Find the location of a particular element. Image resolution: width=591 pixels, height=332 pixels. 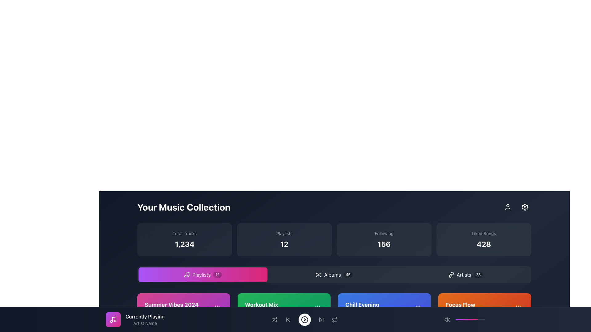

the informational card displaying the count of '12' playlists in the music collection, located under the 'Your Music Collection' header is located at coordinates (284, 239).